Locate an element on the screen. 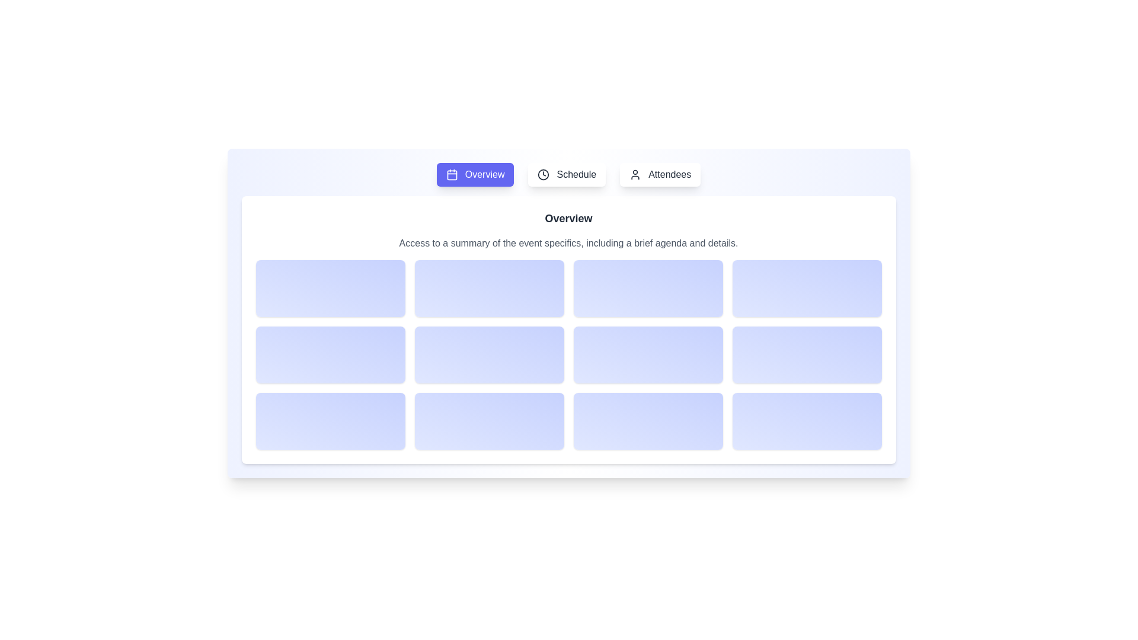 Image resolution: width=1138 pixels, height=640 pixels. the tab labeled Schedule to view its content is located at coordinates (566, 174).